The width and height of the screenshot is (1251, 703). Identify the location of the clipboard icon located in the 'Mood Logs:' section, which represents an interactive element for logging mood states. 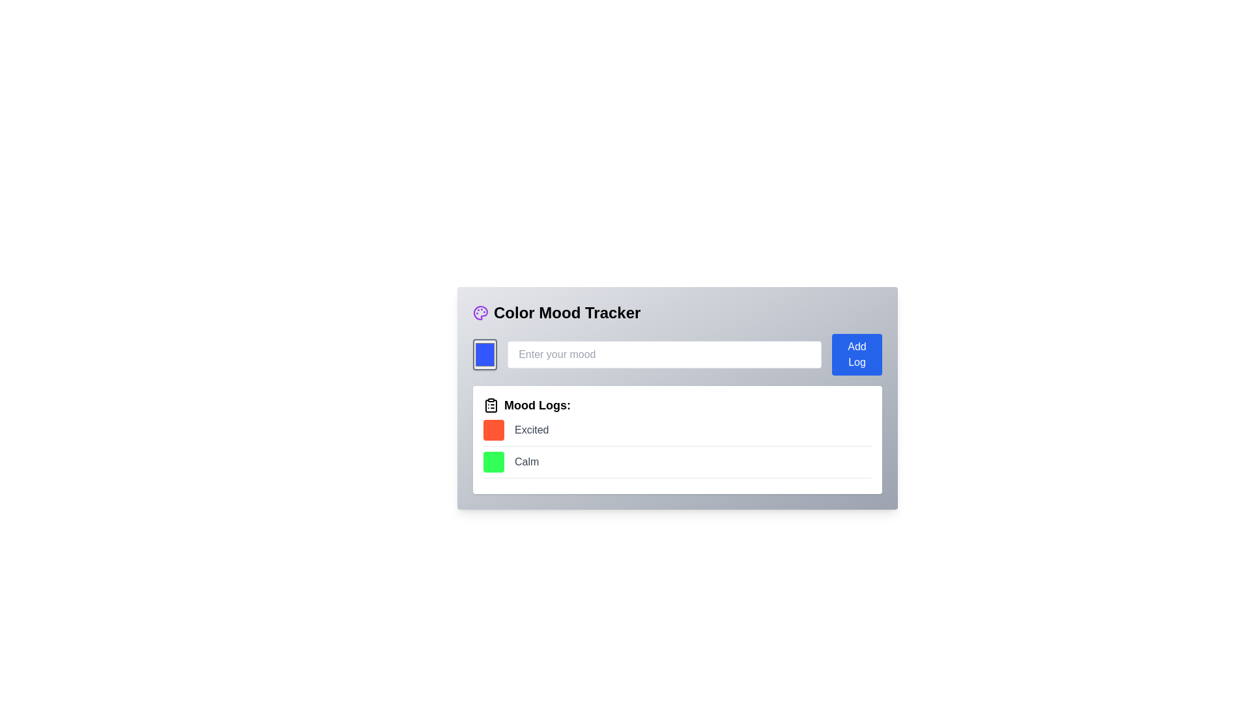
(490, 406).